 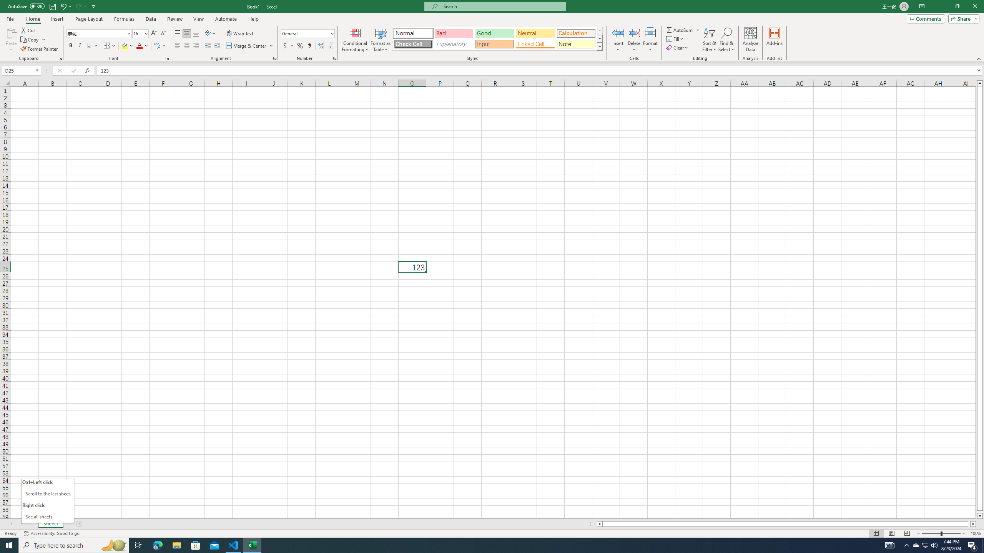 What do you see at coordinates (331, 45) in the screenshot?
I see `'Decrease Decimal'` at bounding box center [331, 45].